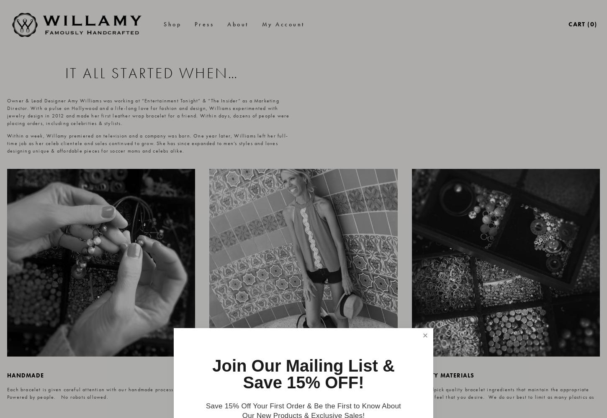 This screenshot has height=418, width=607. What do you see at coordinates (236, 375) in the screenshot?
I see `'american made'` at bounding box center [236, 375].